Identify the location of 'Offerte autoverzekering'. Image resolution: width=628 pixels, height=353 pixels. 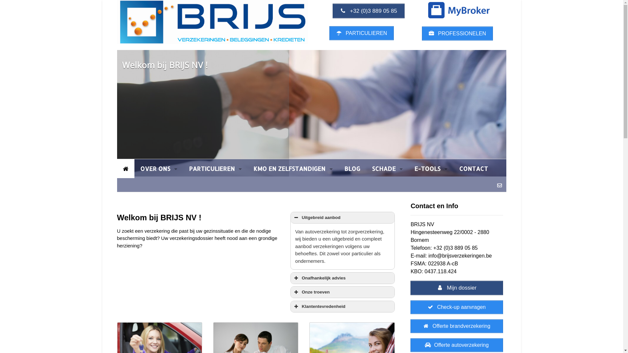
(456, 345).